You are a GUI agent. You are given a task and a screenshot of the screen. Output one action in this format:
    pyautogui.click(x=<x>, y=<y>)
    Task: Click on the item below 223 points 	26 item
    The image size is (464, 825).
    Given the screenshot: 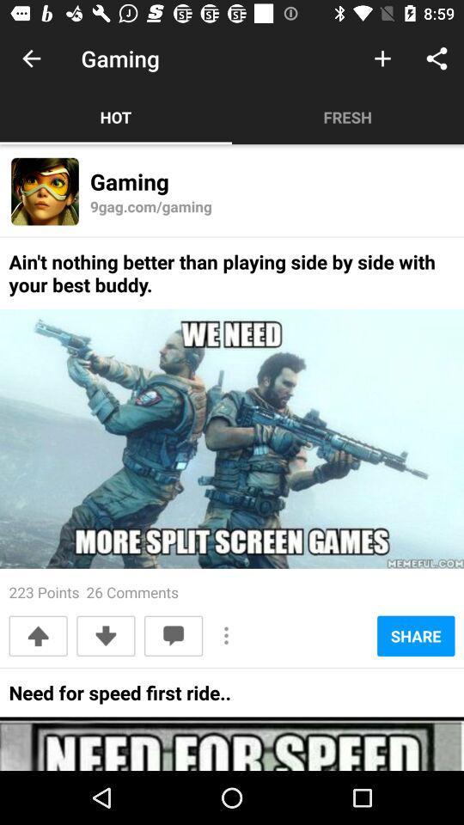 What is the action you would take?
    pyautogui.click(x=174, y=635)
    